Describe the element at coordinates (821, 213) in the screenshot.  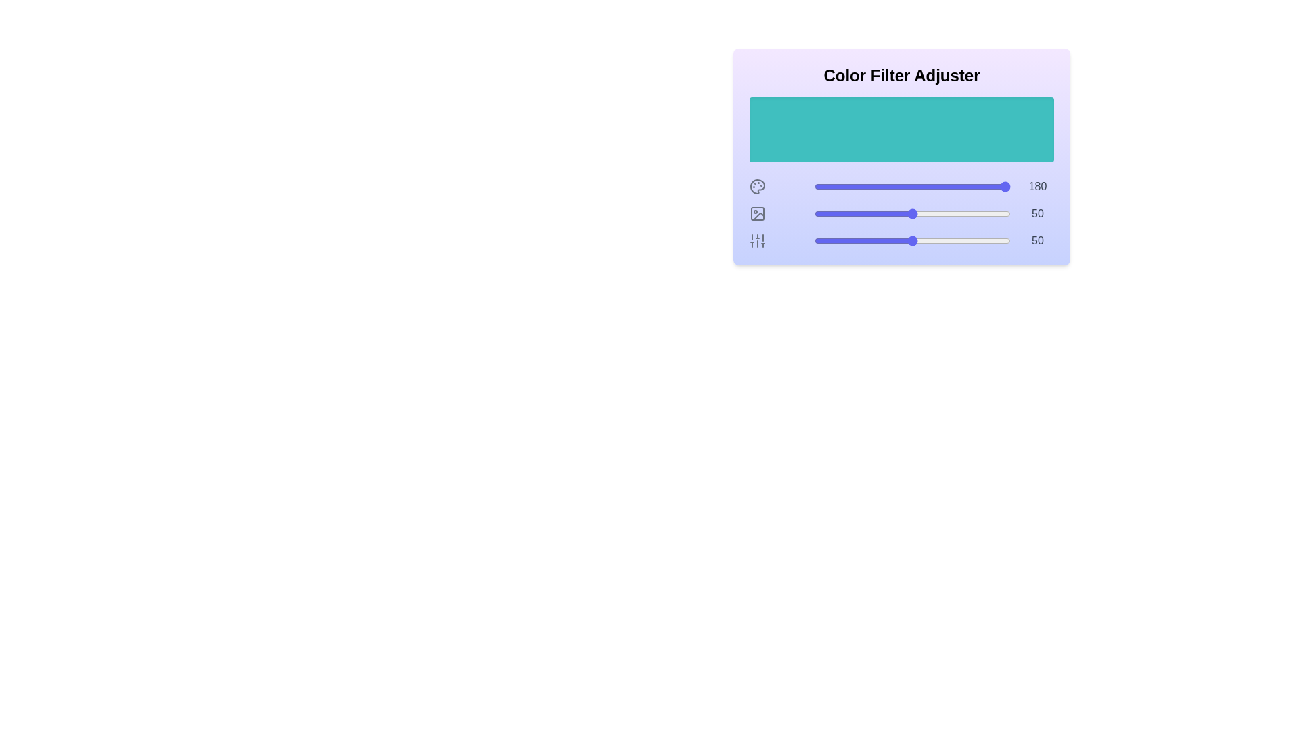
I see `the saturation slider to set the saturation to 4%` at that location.